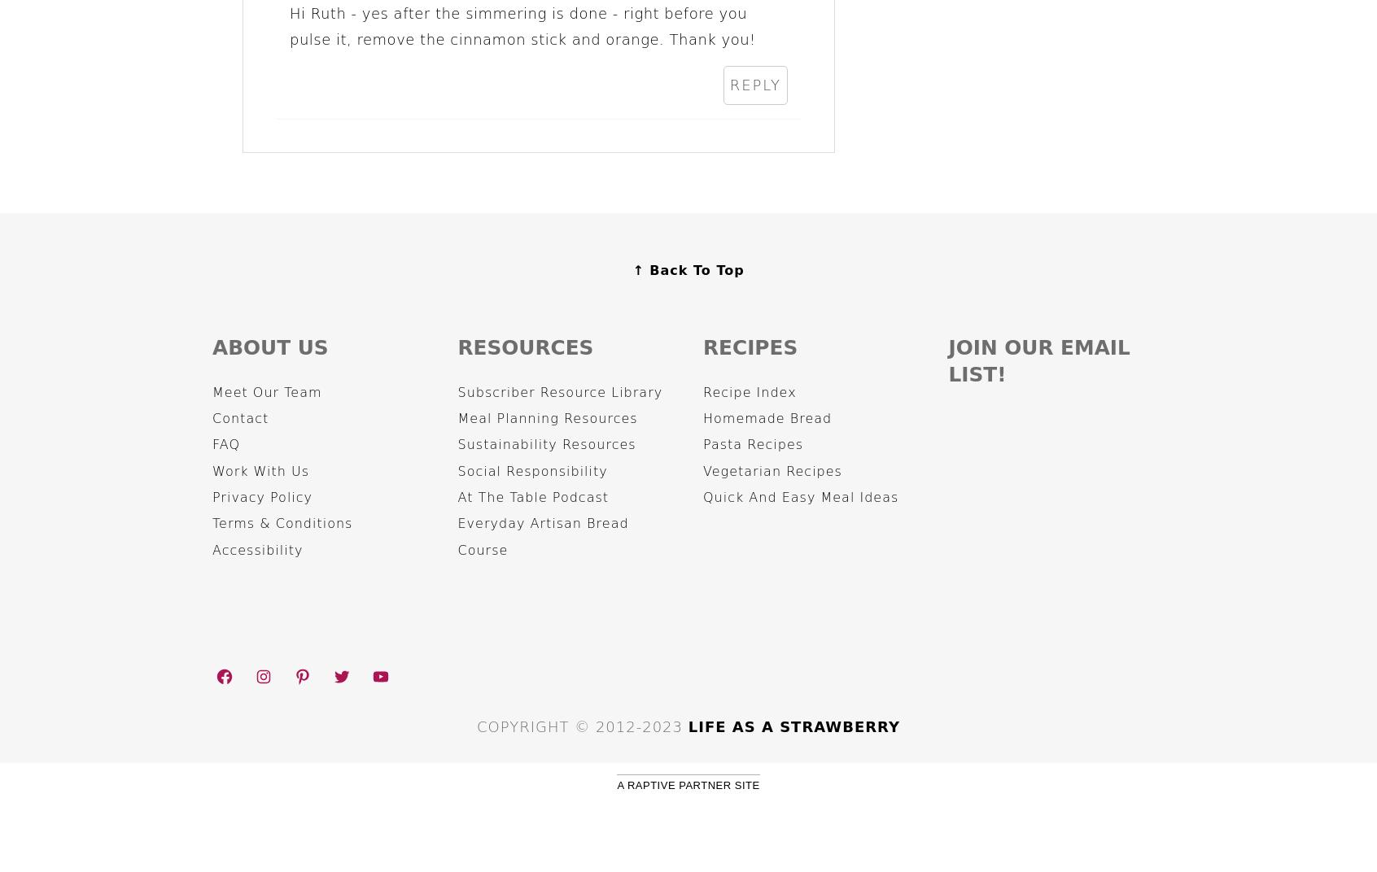 The image size is (1377, 872). Describe the element at coordinates (767, 417) in the screenshot. I see `'Homemade Bread'` at that location.